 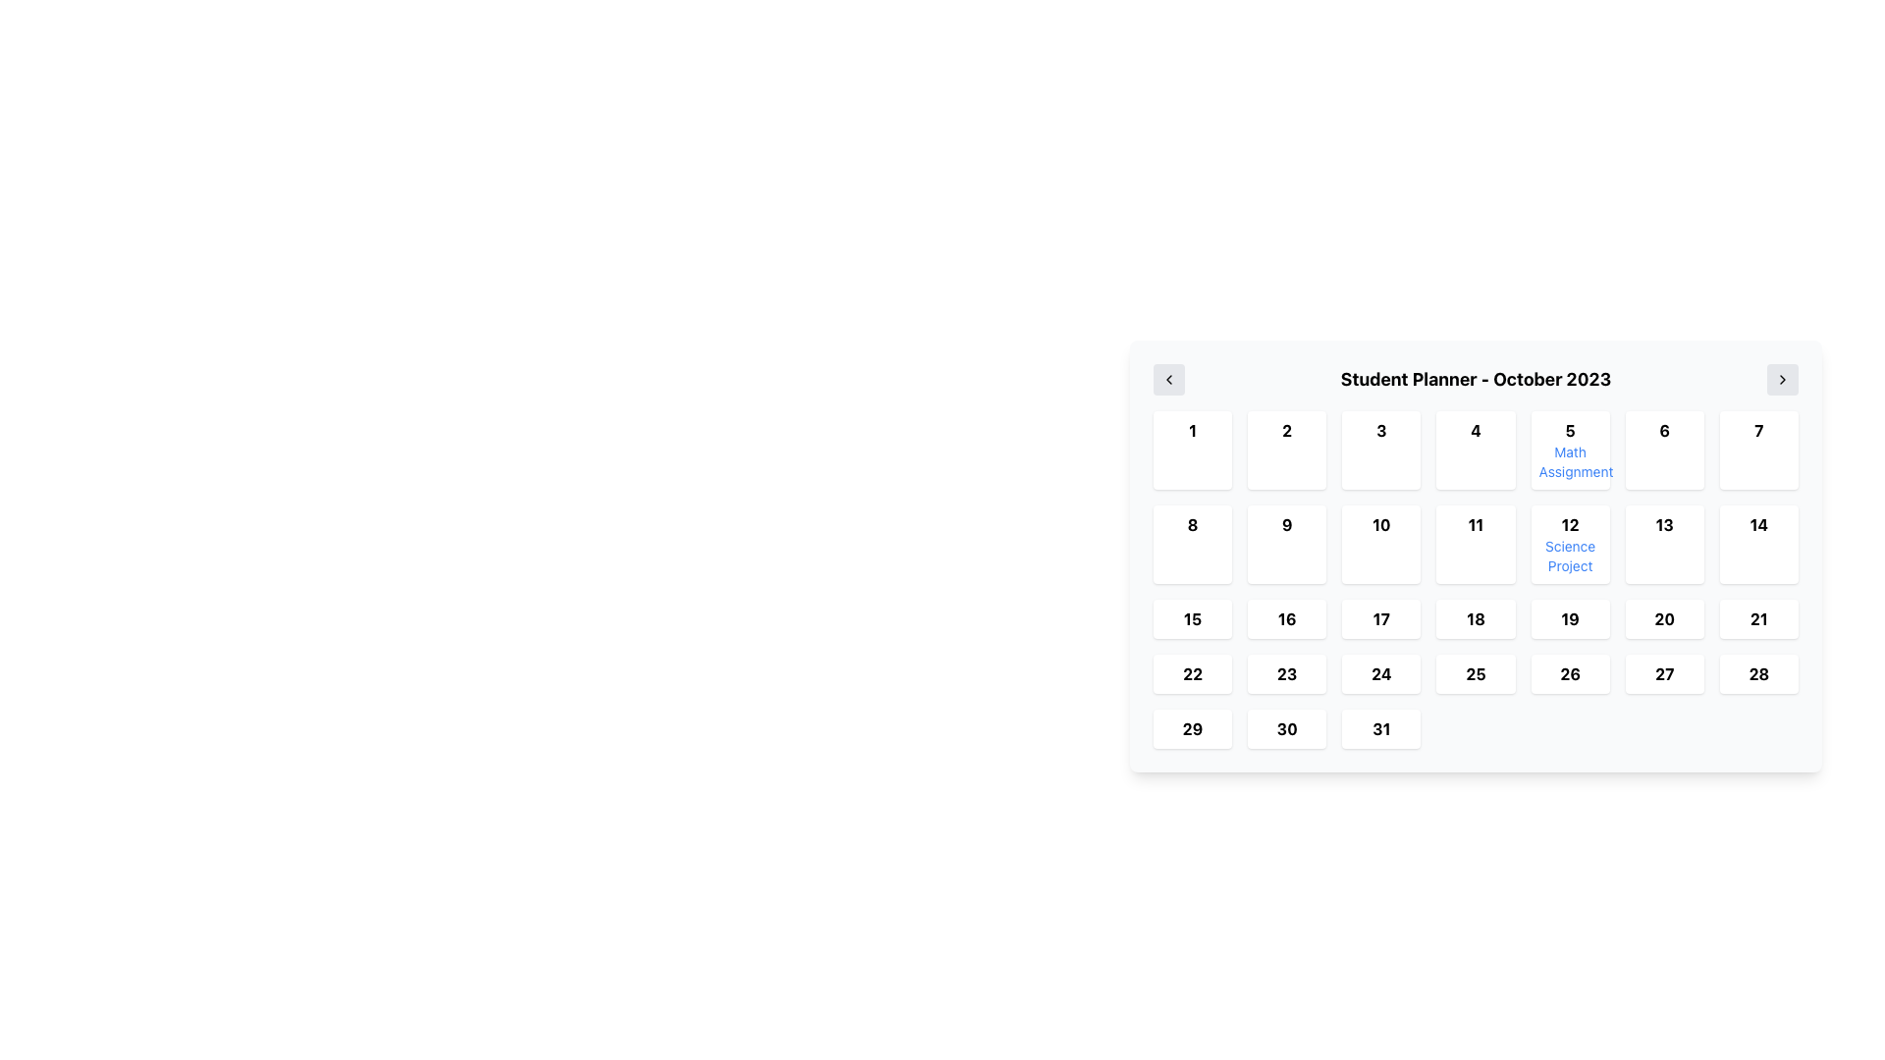 What do you see at coordinates (1569, 672) in the screenshot?
I see `the bold number '26' in the calendar grid` at bounding box center [1569, 672].